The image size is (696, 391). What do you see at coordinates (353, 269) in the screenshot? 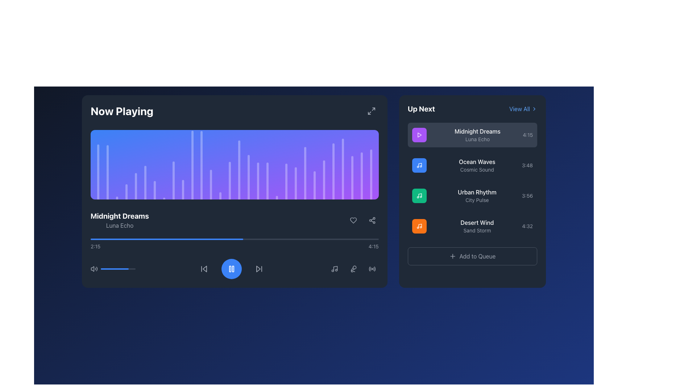
I see `the microphone-related button located in the bottom-right corner of the music player interface` at bounding box center [353, 269].